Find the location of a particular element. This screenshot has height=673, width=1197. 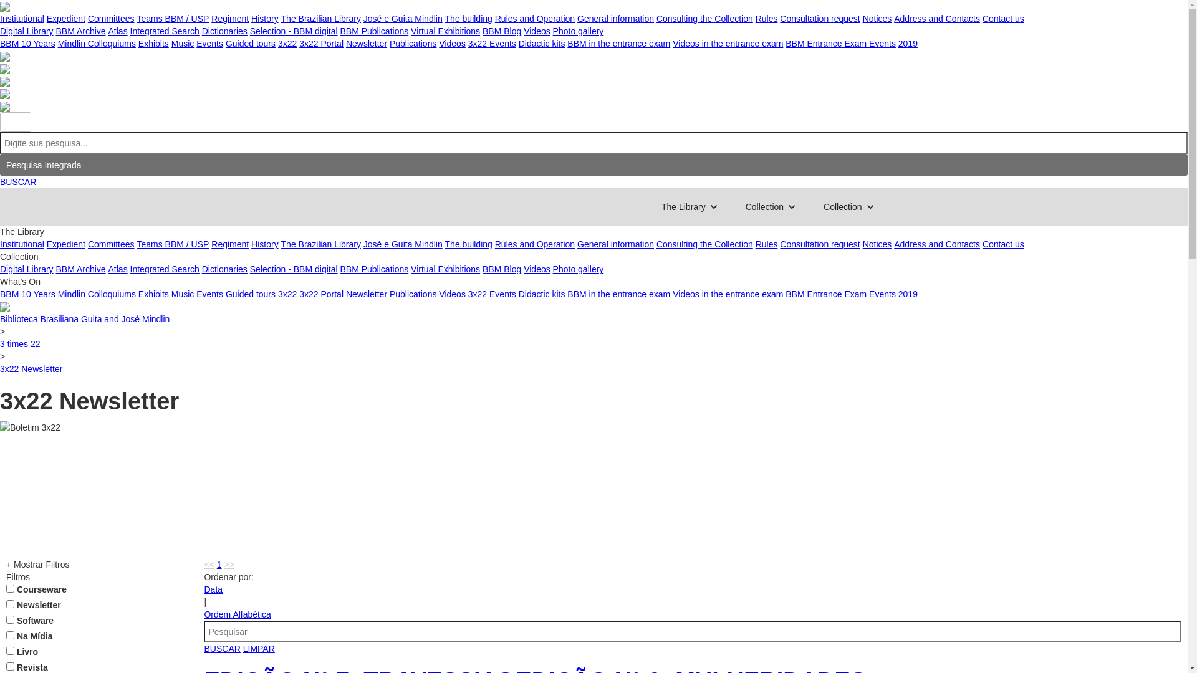

'BBM in the entrance exam' is located at coordinates (618, 42).